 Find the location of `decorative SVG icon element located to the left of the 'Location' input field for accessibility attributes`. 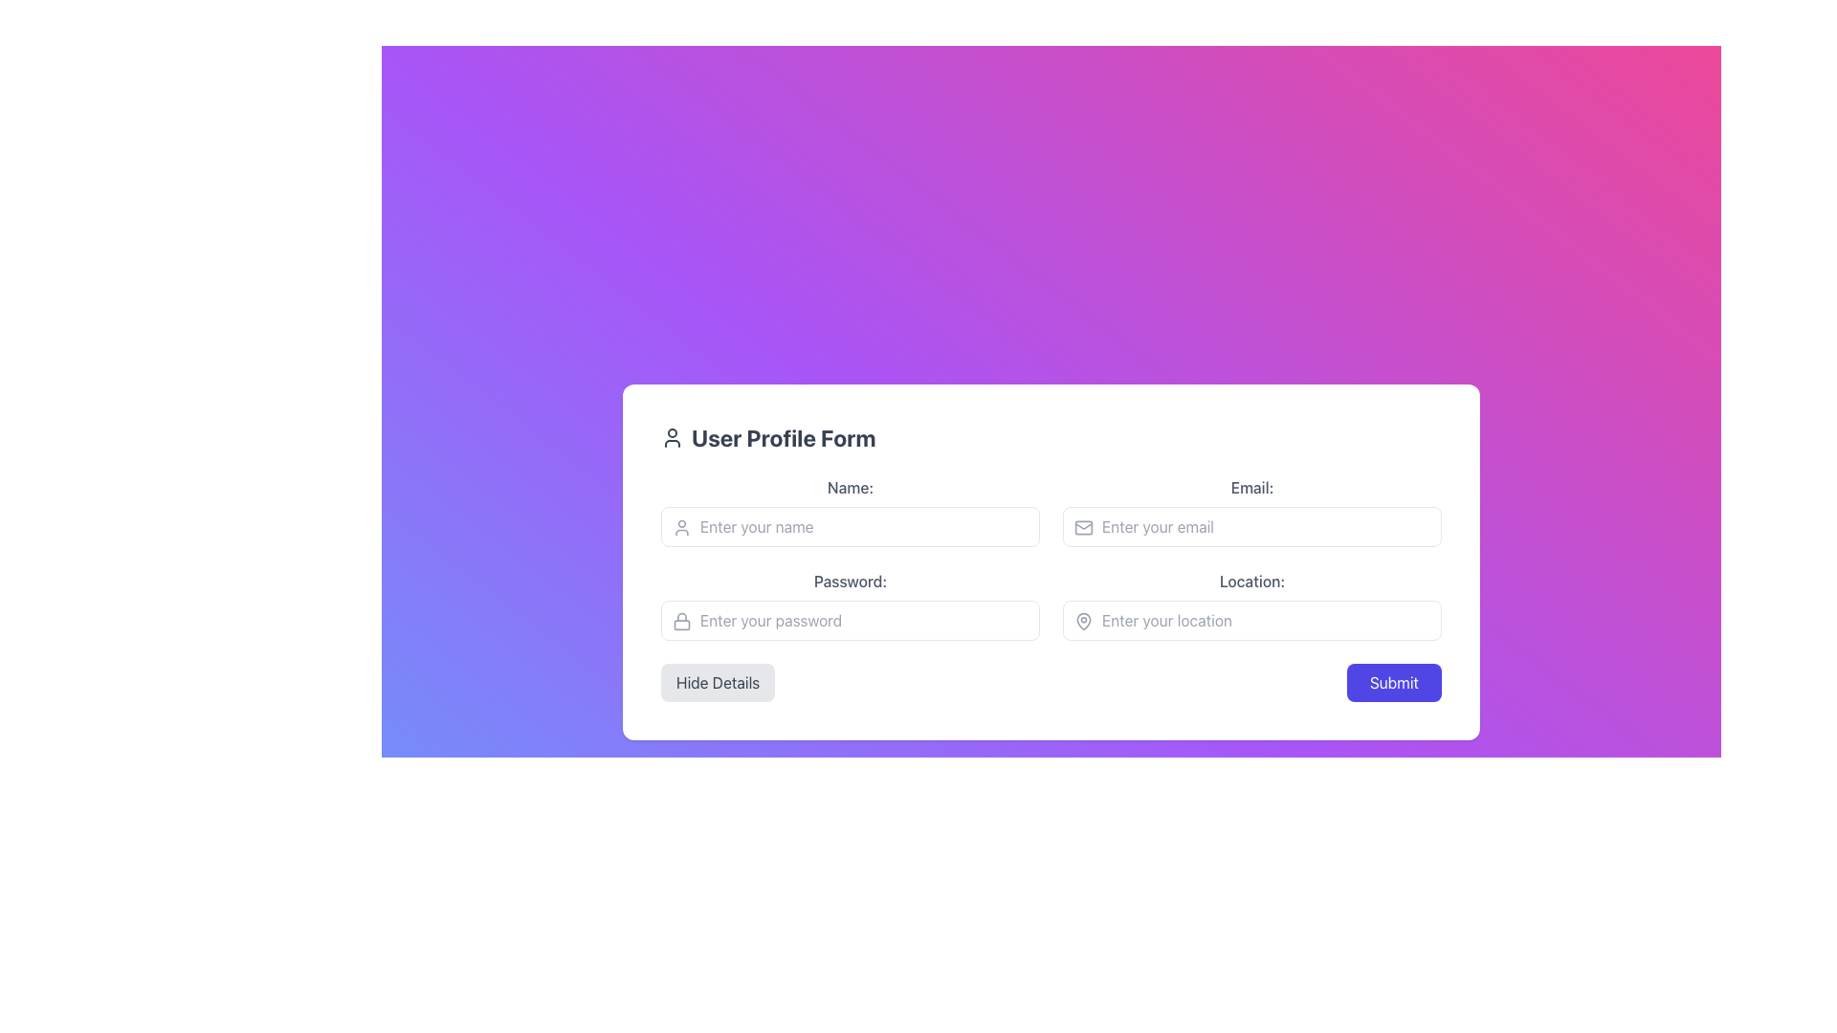

decorative SVG icon element located to the left of the 'Location' input field for accessibility attributes is located at coordinates (1083, 620).